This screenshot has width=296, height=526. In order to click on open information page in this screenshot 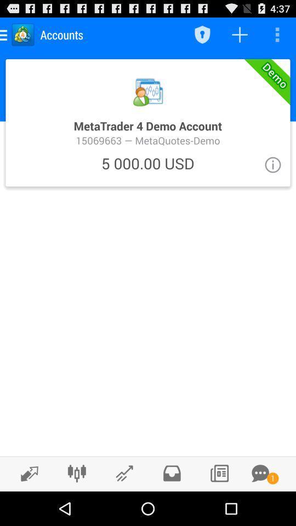, I will do `click(272, 164)`.